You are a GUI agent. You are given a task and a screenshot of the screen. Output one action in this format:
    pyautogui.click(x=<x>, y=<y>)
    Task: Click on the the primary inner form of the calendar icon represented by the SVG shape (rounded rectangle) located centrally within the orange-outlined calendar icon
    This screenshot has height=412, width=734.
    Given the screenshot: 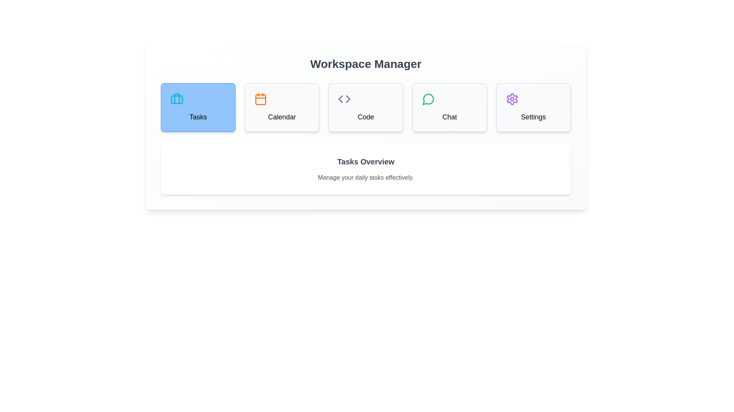 What is the action you would take?
    pyautogui.click(x=261, y=99)
    